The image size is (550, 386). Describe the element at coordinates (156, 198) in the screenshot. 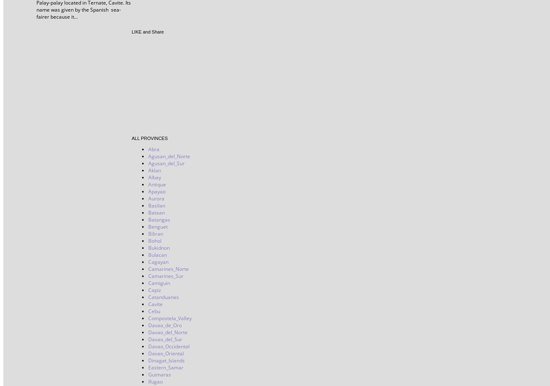

I see `'Aurora'` at that location.